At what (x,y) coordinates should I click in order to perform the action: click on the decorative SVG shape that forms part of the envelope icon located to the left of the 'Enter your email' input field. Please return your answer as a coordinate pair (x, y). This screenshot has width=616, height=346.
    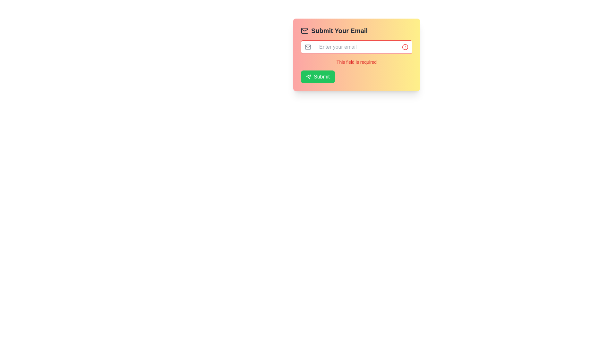
    Looking at the image, I should click on (308, 46).